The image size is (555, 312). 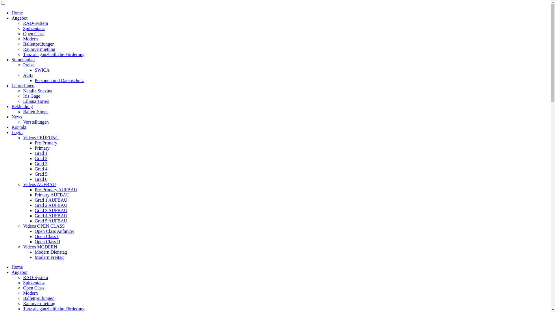 I want to click on 'Angebot', so click(x=19, y=272).